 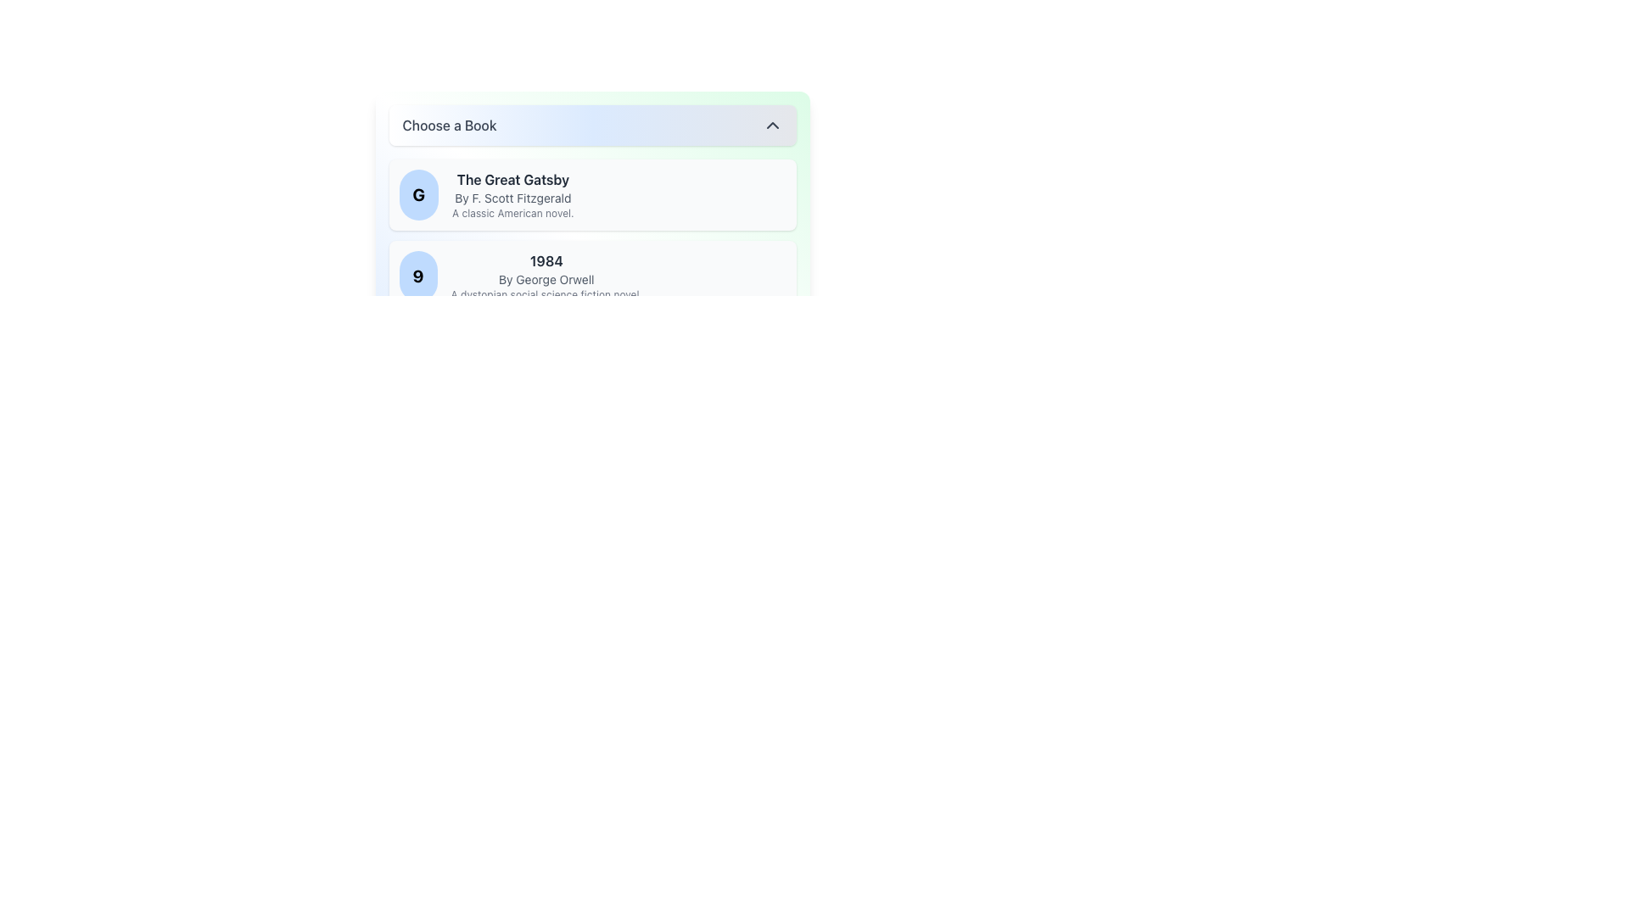 I want to click on the static text element that reads 'A classic American novel.' which is styled in gray color and positioned at the bottom of the card for 'The Great Gatsby', so click(x=512, y=212).